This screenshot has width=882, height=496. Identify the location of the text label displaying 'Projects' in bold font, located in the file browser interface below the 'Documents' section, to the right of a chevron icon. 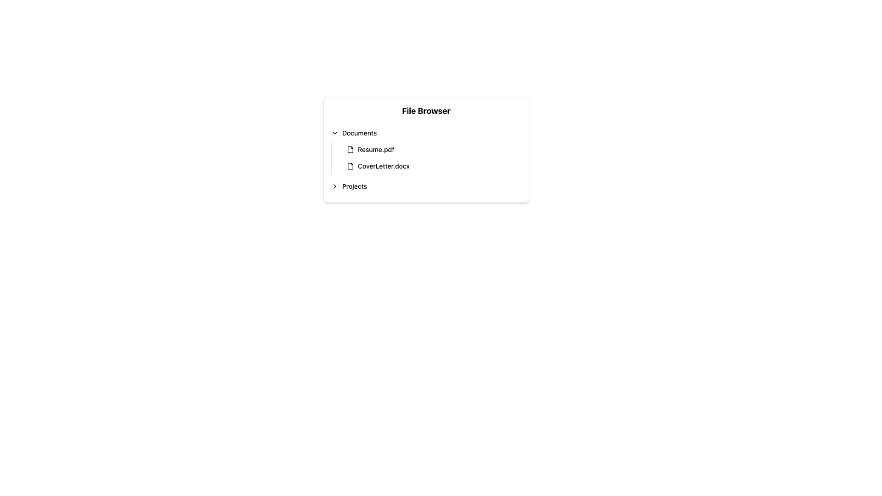
(354, 186).